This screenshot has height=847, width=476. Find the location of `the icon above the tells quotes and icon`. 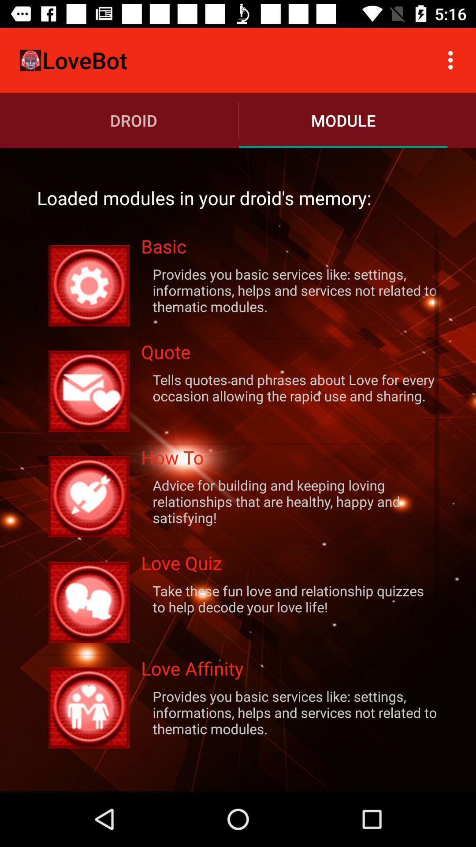

the icon above the tells quotes and icon is located at coordinates (290, 355).